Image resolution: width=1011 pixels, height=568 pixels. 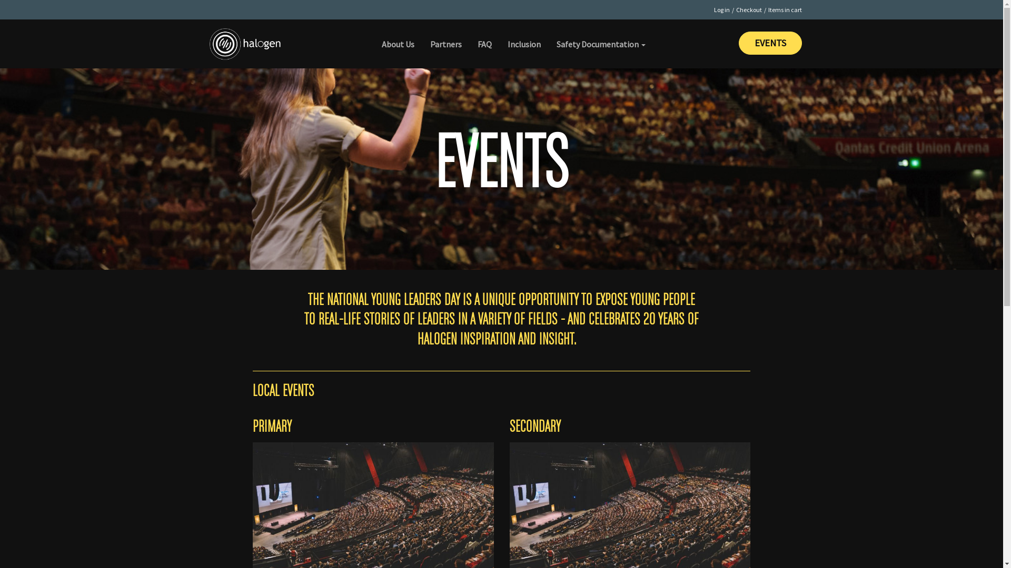 What do you see at coordinates (398, 36) in the screenshot?
I see `'About Us'` at bounding box center [398, 36].